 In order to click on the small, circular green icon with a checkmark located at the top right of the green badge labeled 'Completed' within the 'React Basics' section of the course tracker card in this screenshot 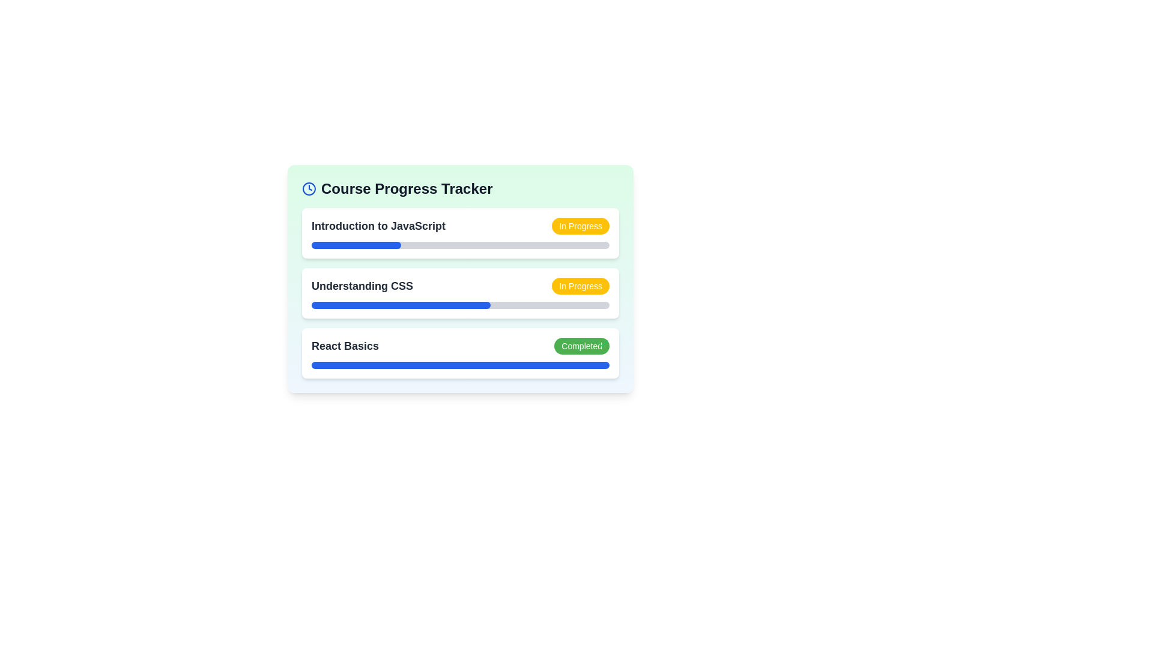, I will do `click(603, 344)`.